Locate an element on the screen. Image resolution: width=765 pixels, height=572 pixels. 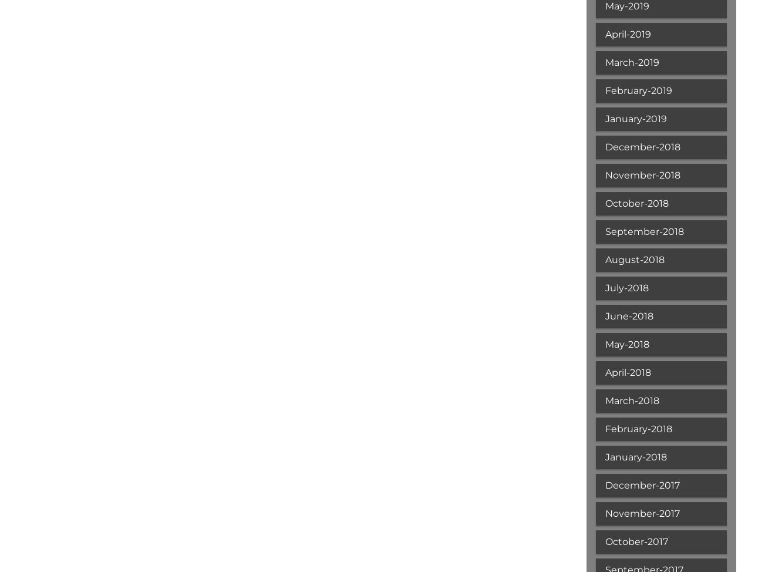
'October-2018' is located at coordinates (635, 203).